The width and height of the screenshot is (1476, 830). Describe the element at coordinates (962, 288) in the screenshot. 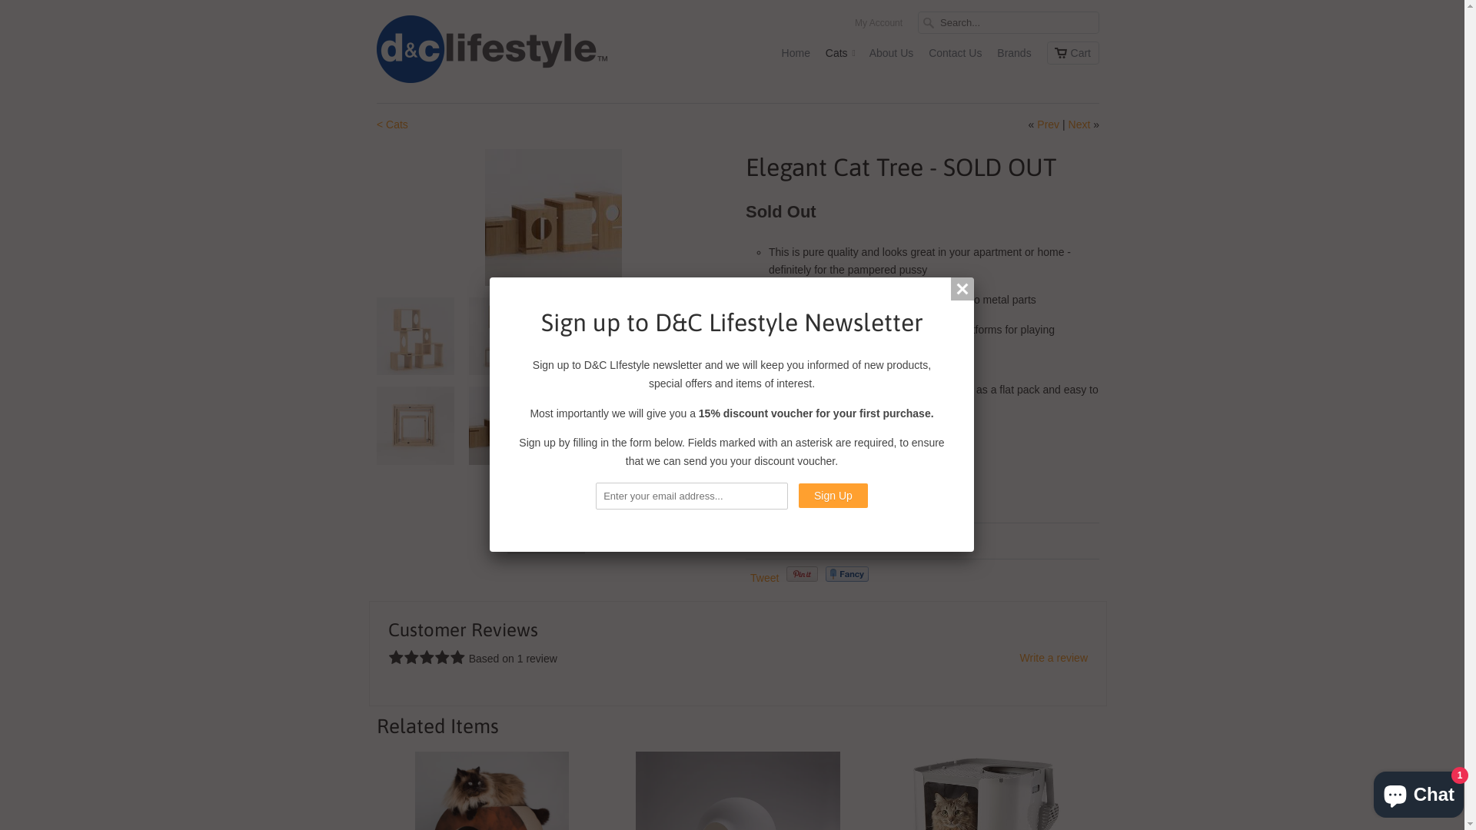

I see `'Close'` at that location.